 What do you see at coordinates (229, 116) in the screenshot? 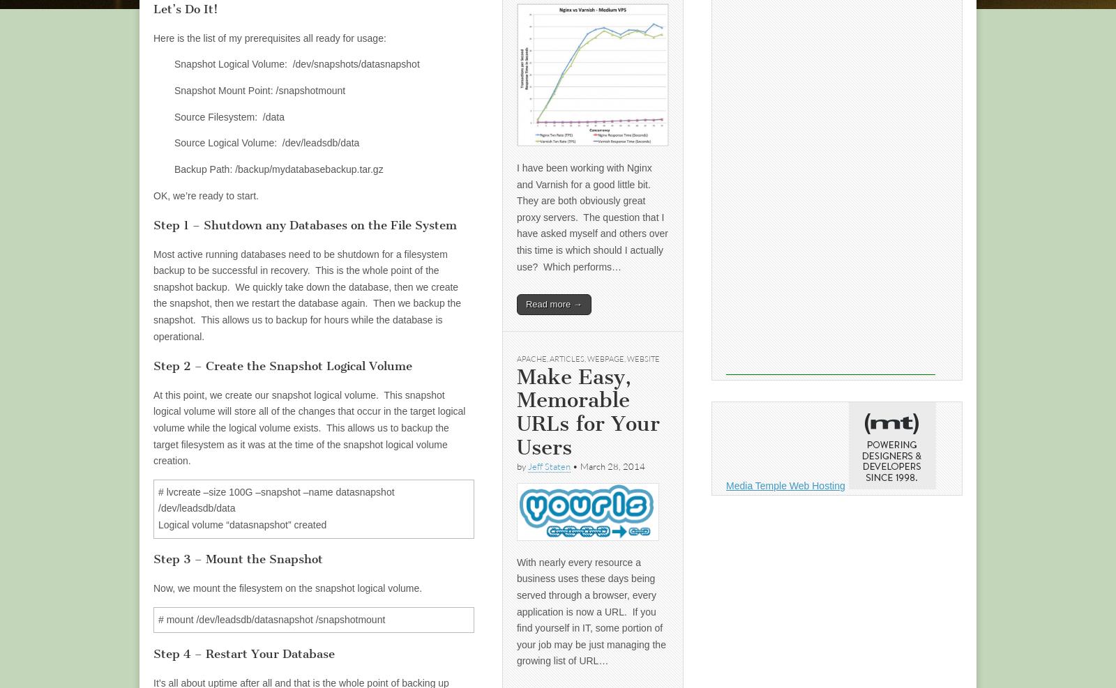
I see `'Source Filesystem:  /data'` at bounding box center [229, 116].